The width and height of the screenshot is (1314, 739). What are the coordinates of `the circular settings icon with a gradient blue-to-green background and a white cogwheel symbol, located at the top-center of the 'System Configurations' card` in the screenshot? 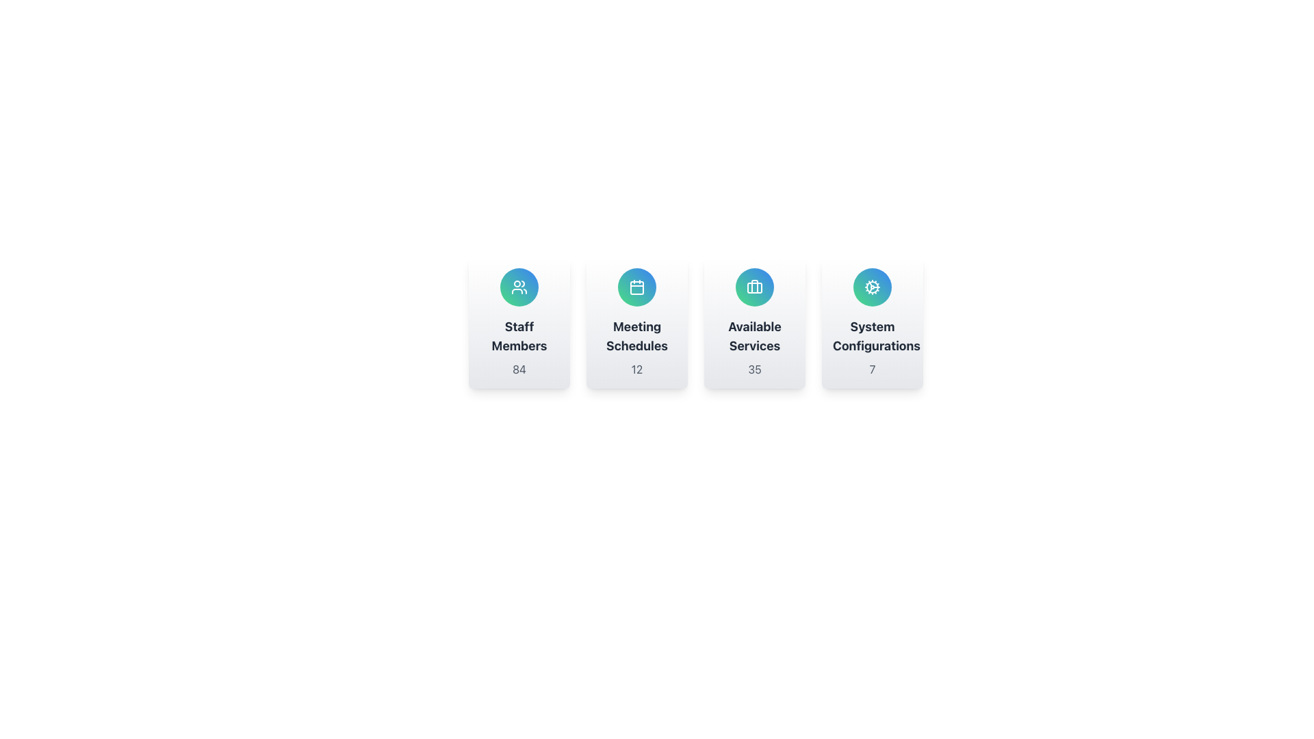 It's located at (872, 287).